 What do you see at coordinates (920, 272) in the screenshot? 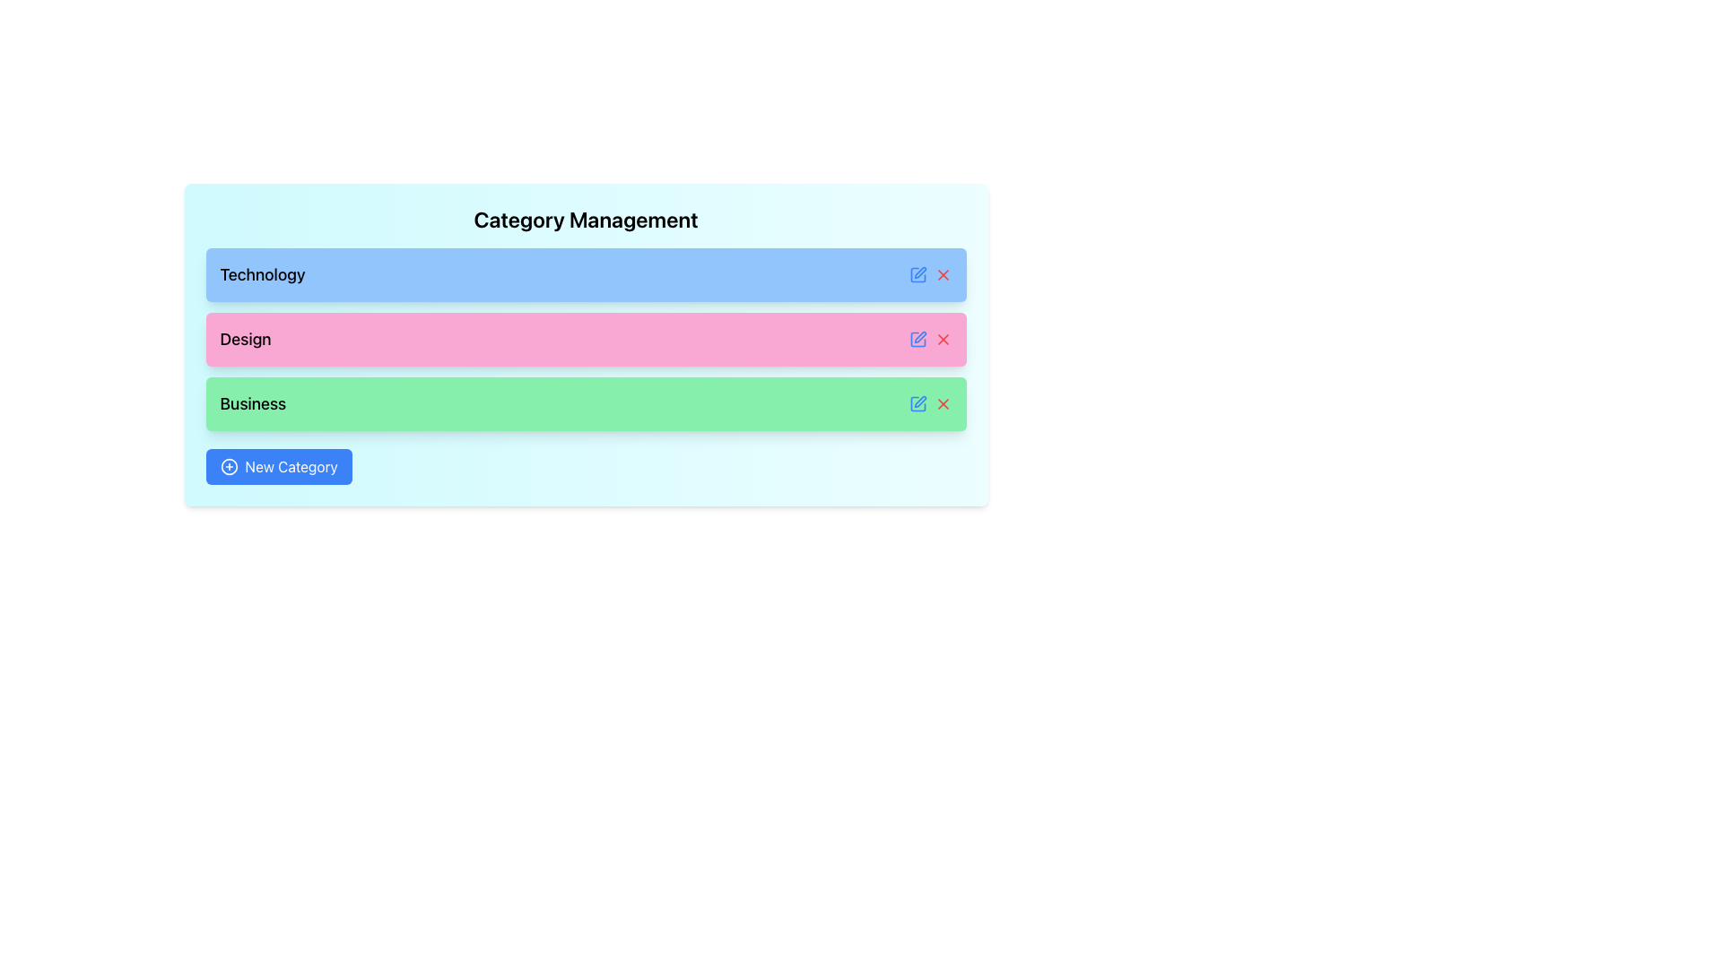
I see `the edit action icon button located in the upper-right section of the 'Technology' category row` at bounding box center [920, 272].